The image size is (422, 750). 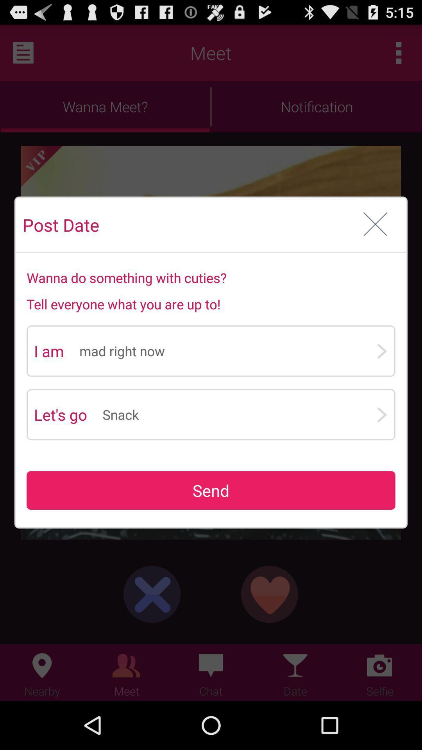 I want to click on app above snack icon, so click(x=228, y=350).